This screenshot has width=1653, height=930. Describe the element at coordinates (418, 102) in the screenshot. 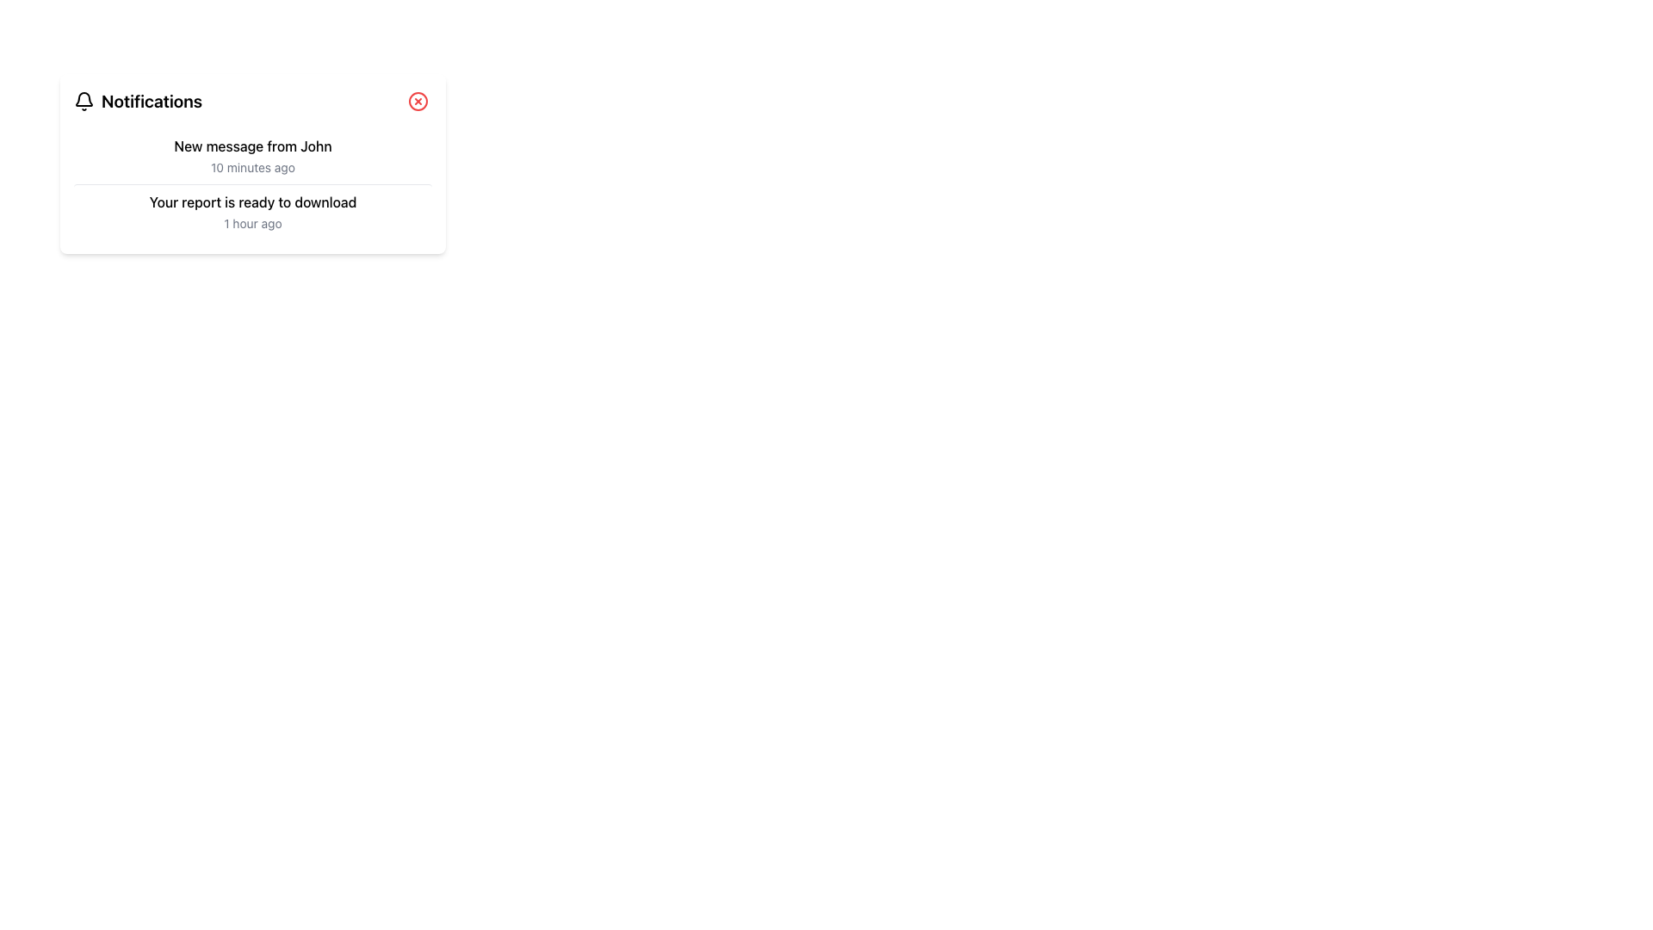

I see `the close (X) icon within the notification box, which is visually represented by an SVG component located at the top right of the notification area` at that location.